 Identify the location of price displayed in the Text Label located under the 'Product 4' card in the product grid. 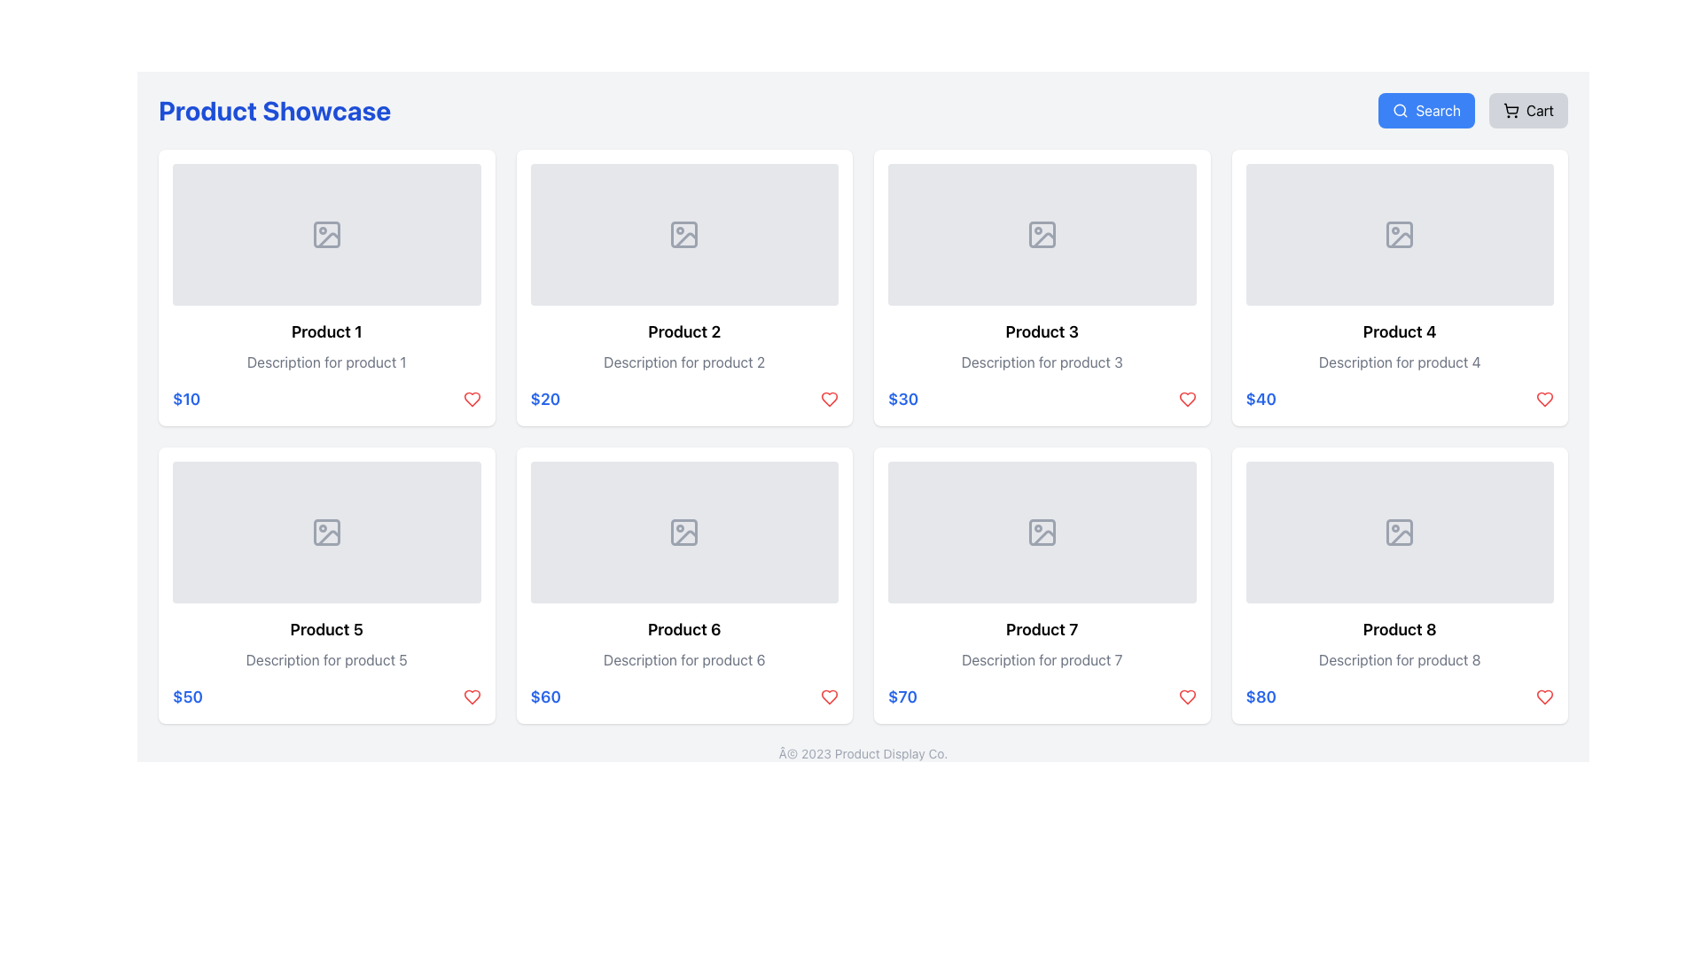
(1260, 400).